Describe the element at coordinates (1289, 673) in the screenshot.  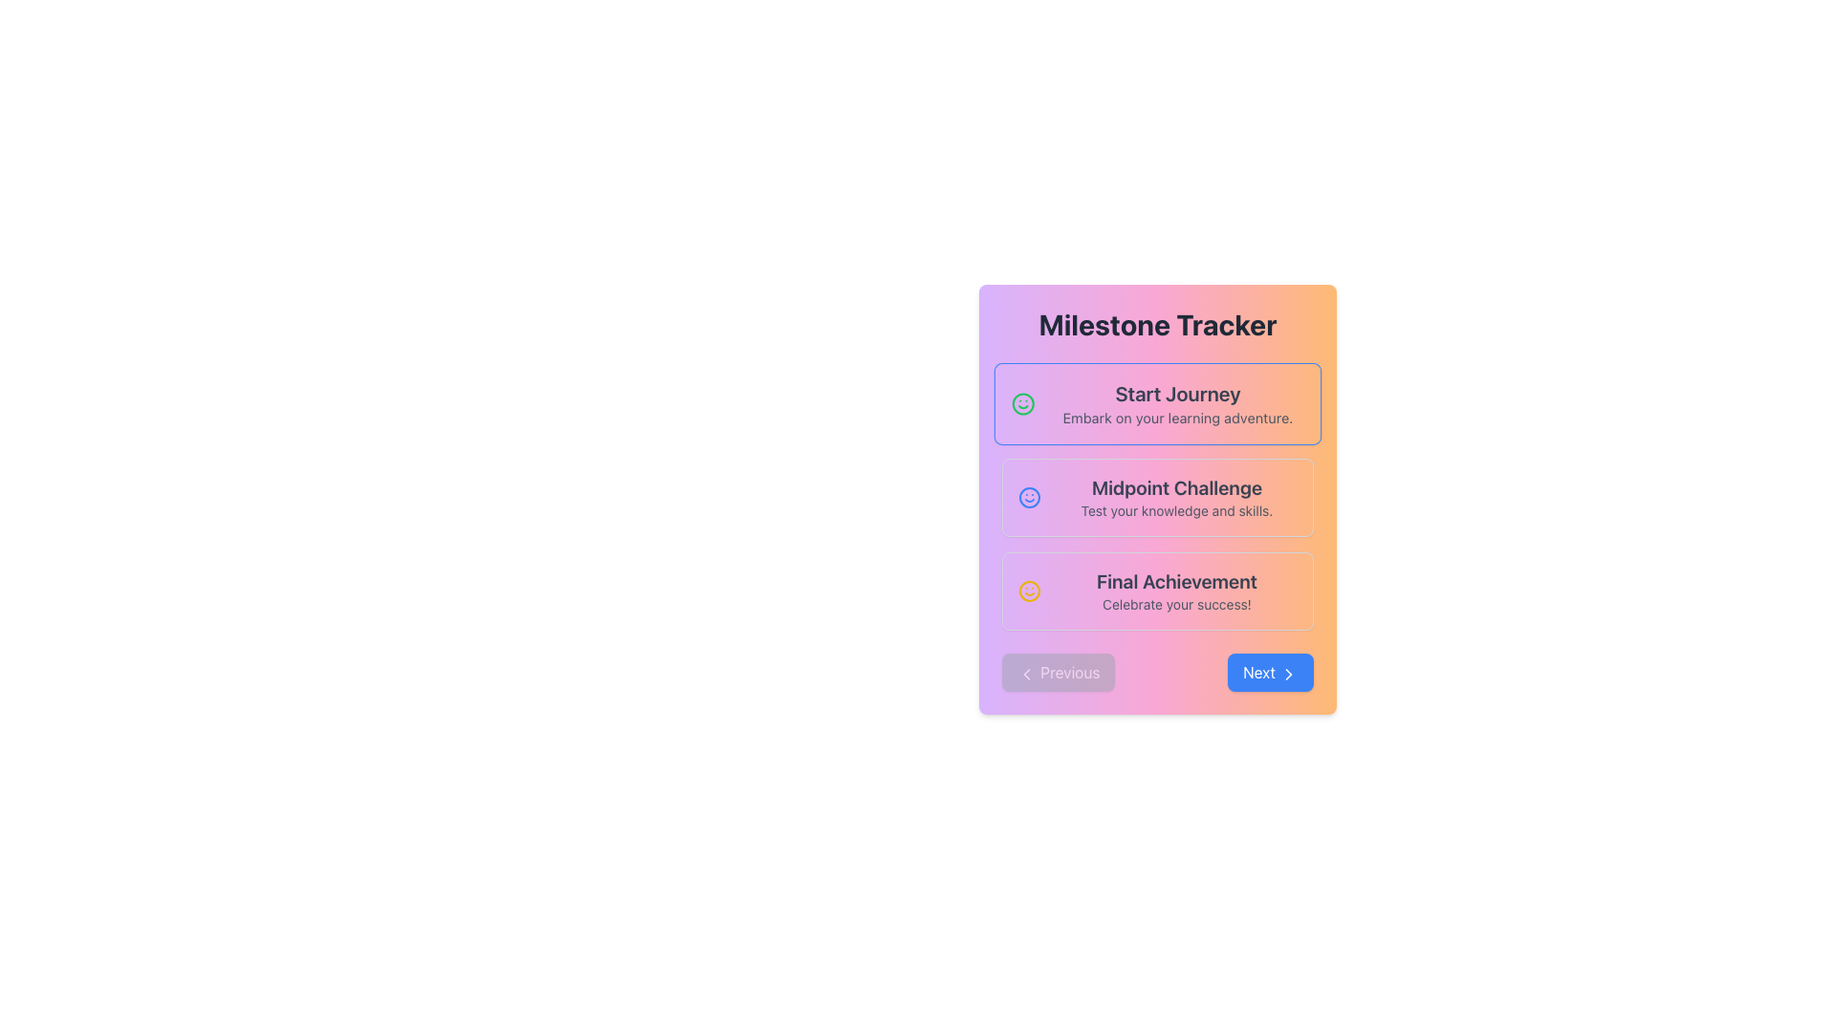
I see `the right-pointing arrow icon located at the far right end of the blue 'Next' button to interact with the button` at that location.